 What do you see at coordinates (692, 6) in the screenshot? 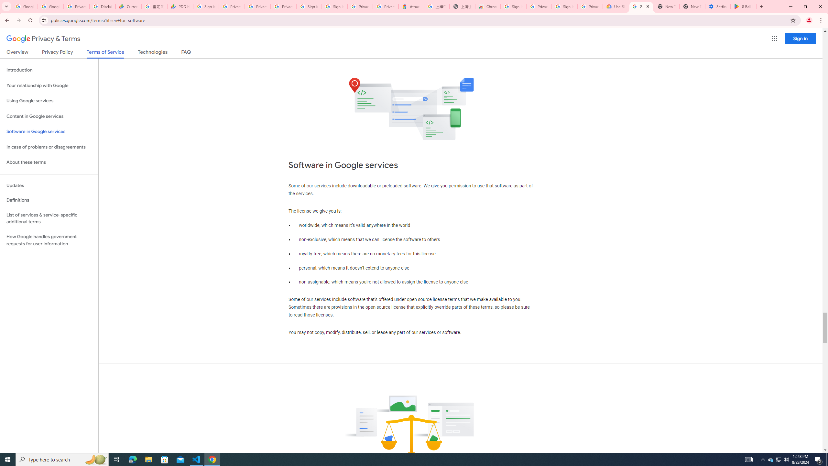
I see `'New Tab'` at bounding box center [692, 6].